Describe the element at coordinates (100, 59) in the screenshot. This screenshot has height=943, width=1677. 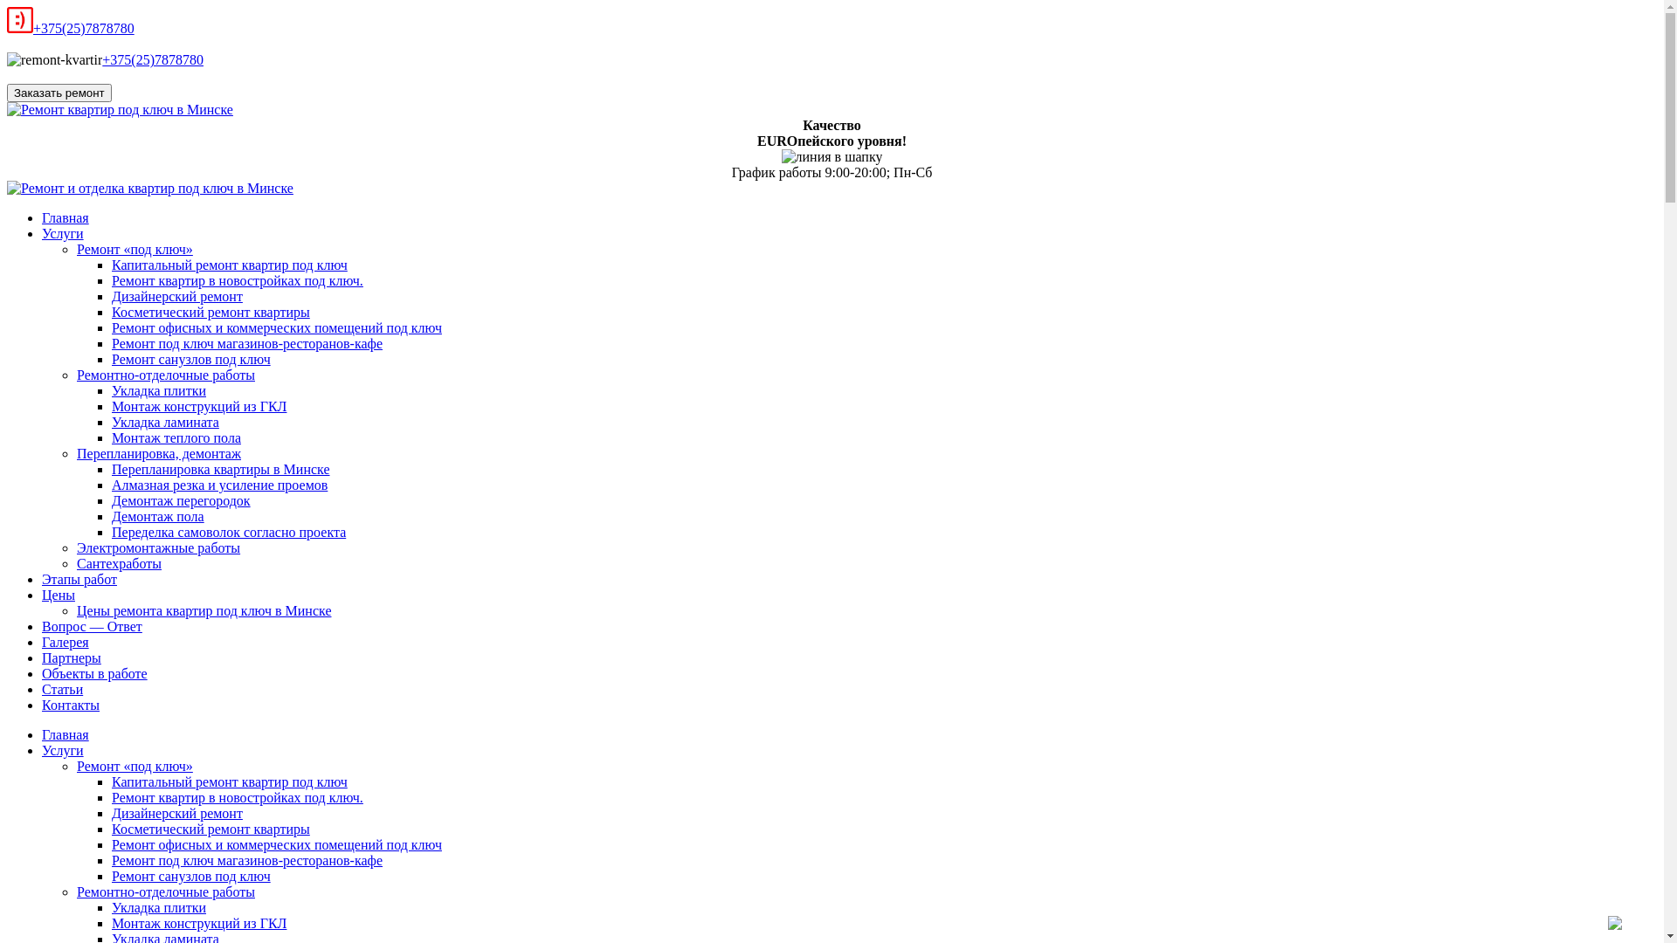
I see `'+375(25)7878780'` at that location.